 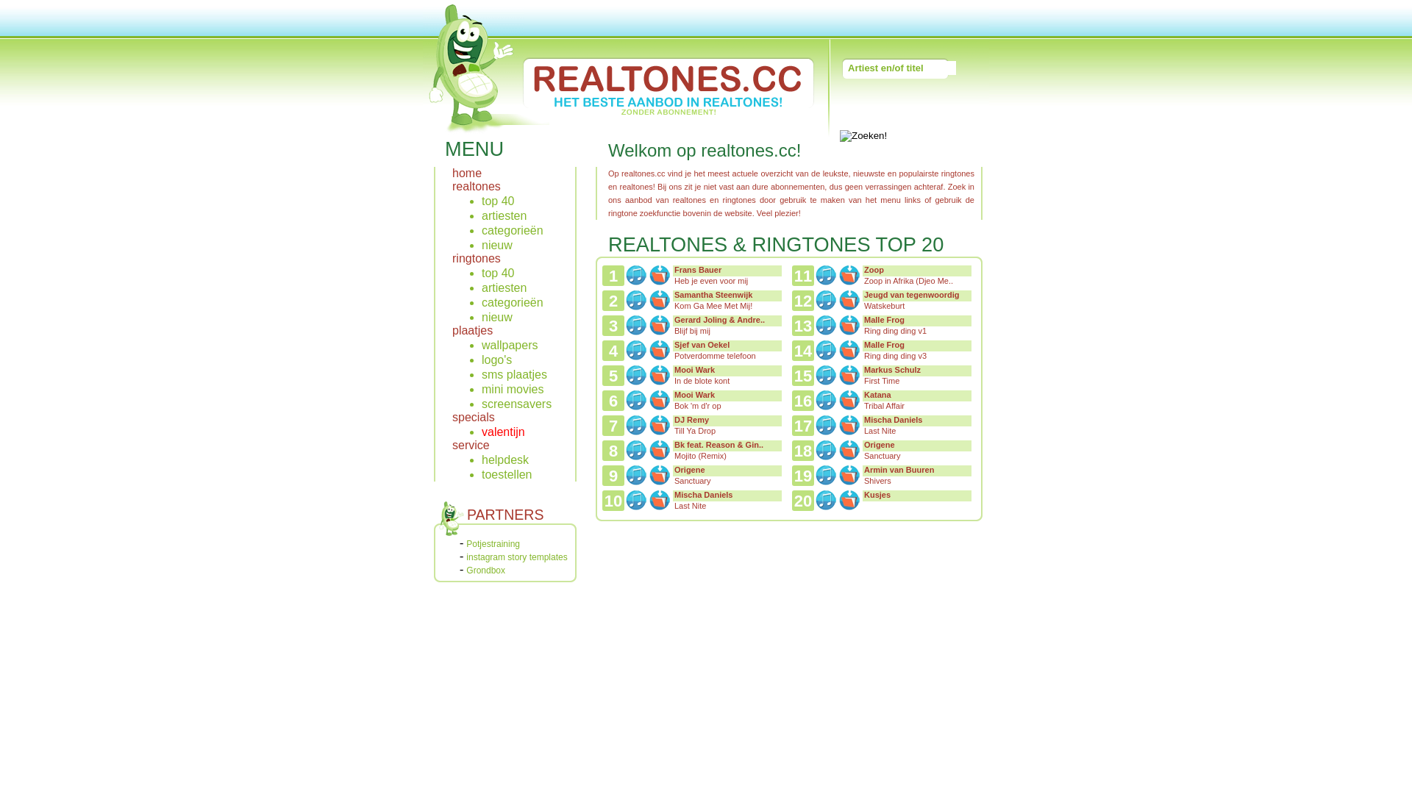 What do you see at coordinates (894, 355) in the screenshot?
I see `'Ring ding ding v3'` at bounding box center [894, 355].